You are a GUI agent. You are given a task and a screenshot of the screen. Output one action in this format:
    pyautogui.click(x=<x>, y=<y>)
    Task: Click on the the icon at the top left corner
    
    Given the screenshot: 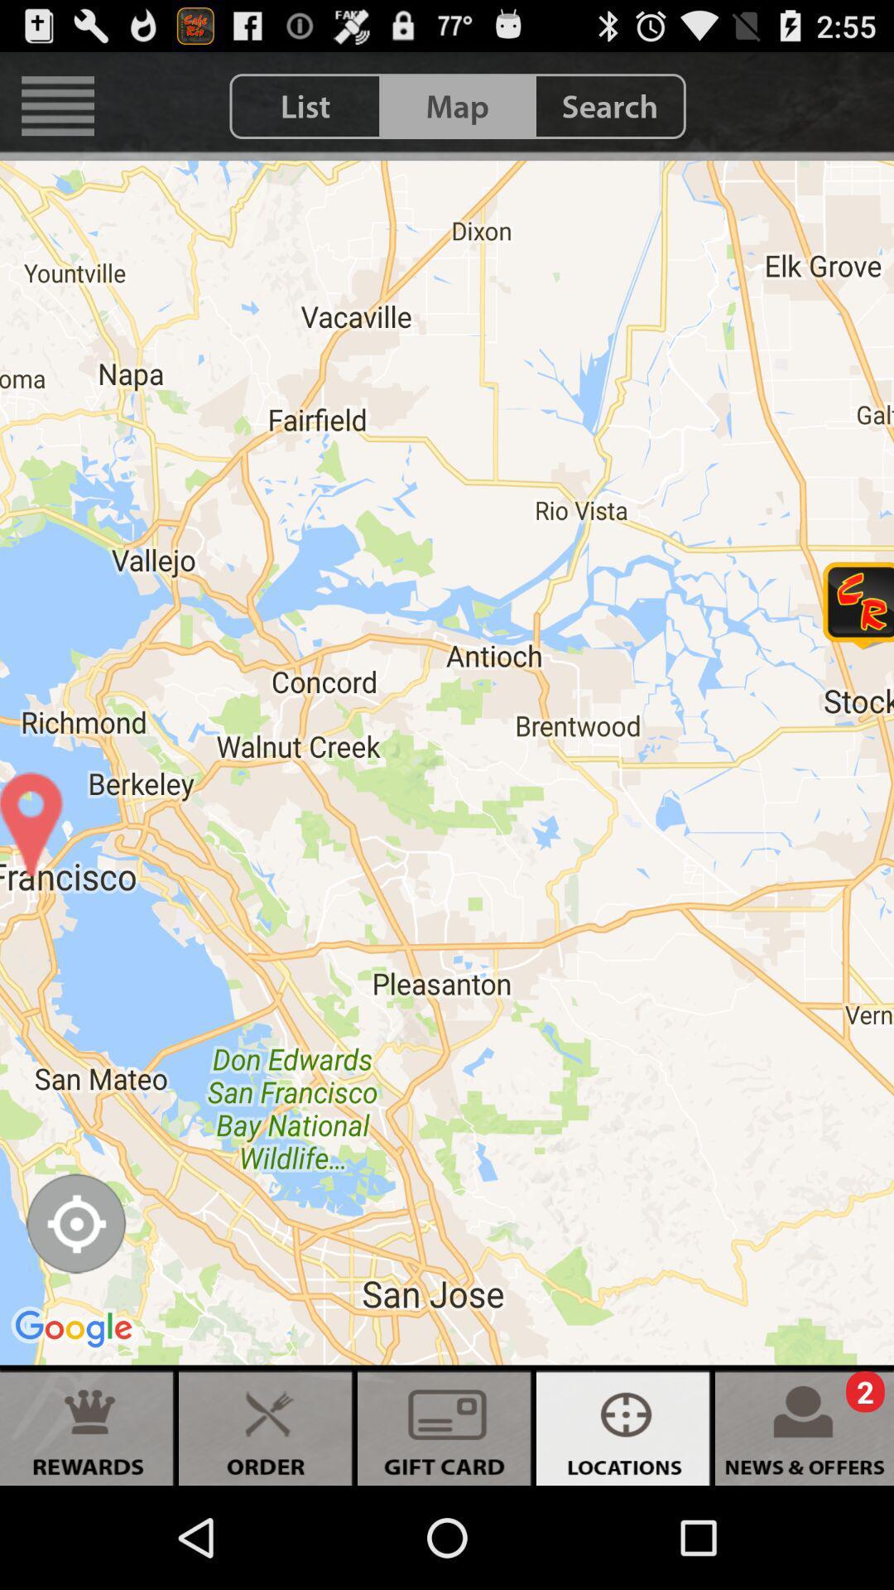 What is the action you would take?
    pyautogui.click(x=57, y=105)
    